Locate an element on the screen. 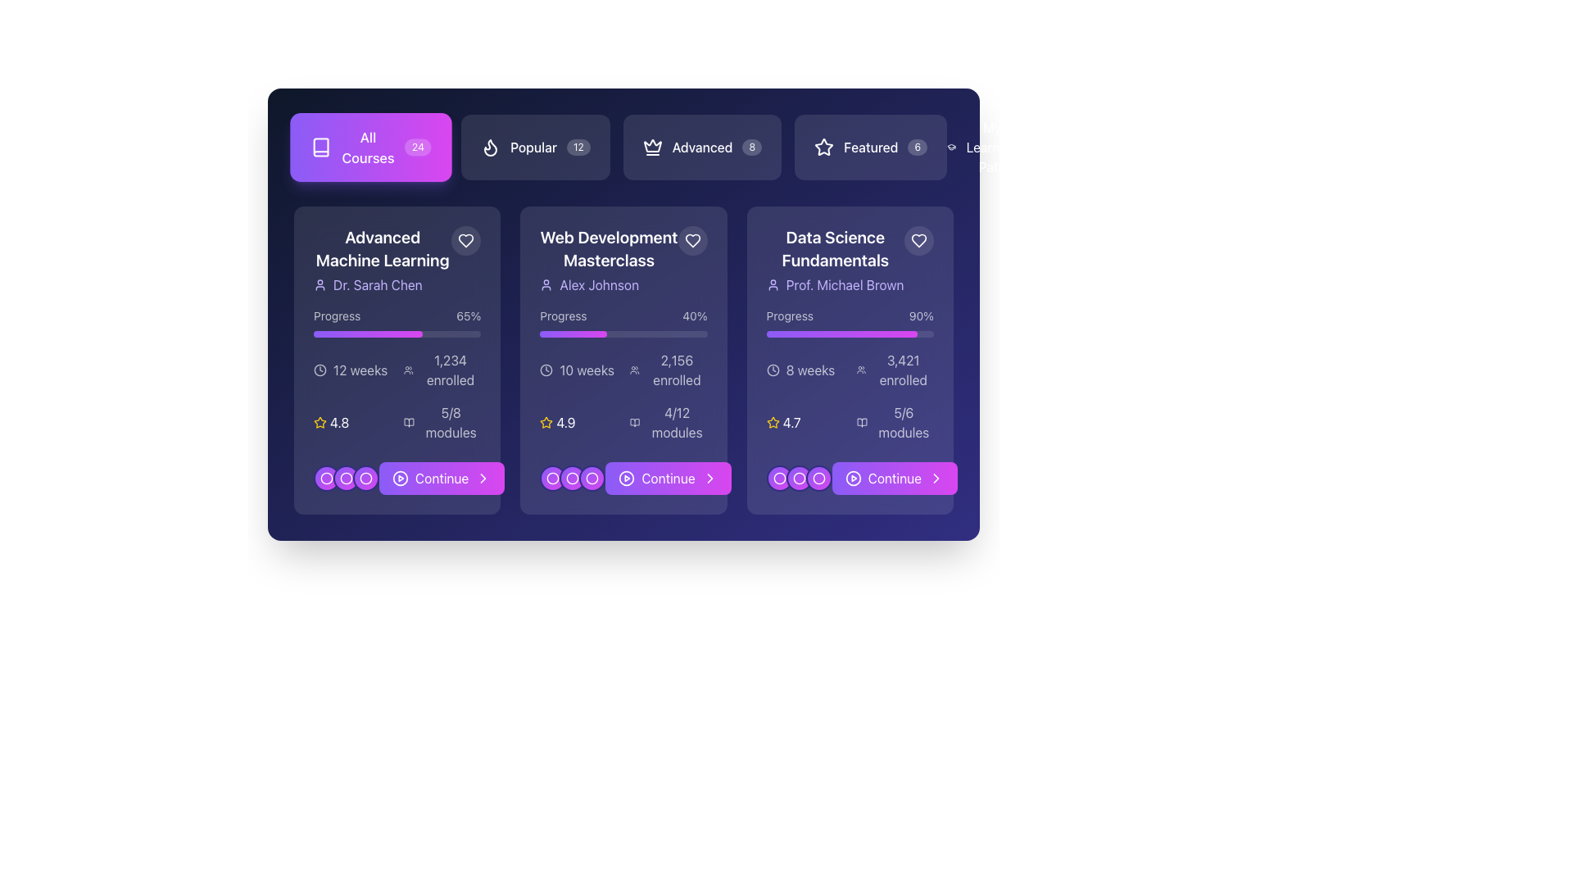 Image resolution: width=1573 pixels, height=885 pixels. the progress tracker element displaying 'Progress 40%' which indicates 40% completion of the task is located at coordinates (623, 322).